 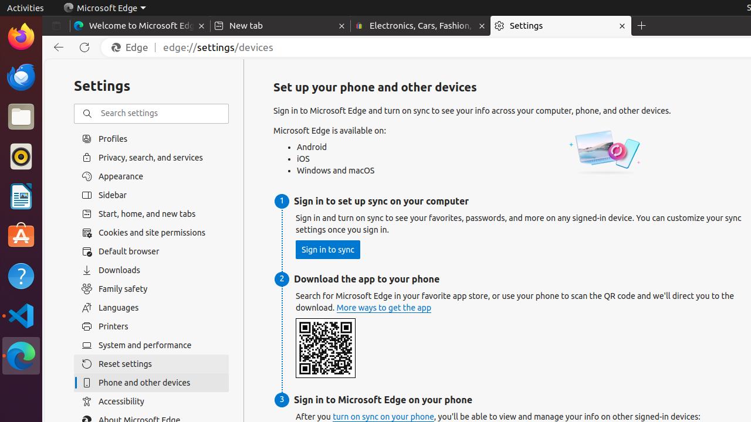 What do you see at coordinates (151, 382) in the screenshot?
I see `'Phone and other devices'` at bounding box center [151, 382].